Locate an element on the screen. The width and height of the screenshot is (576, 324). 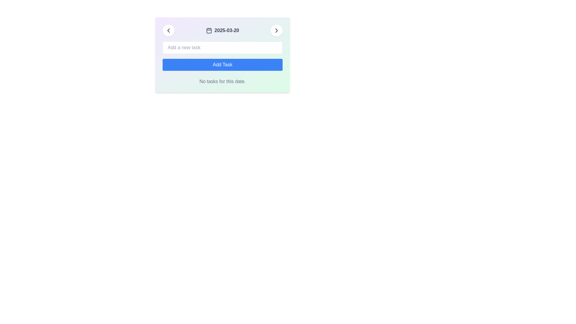
the text label indicating the currently selected date, which is positioned near the top of the interface, to the right of a calendar icon and between navigation arrows is located at coordinates (226, 30).